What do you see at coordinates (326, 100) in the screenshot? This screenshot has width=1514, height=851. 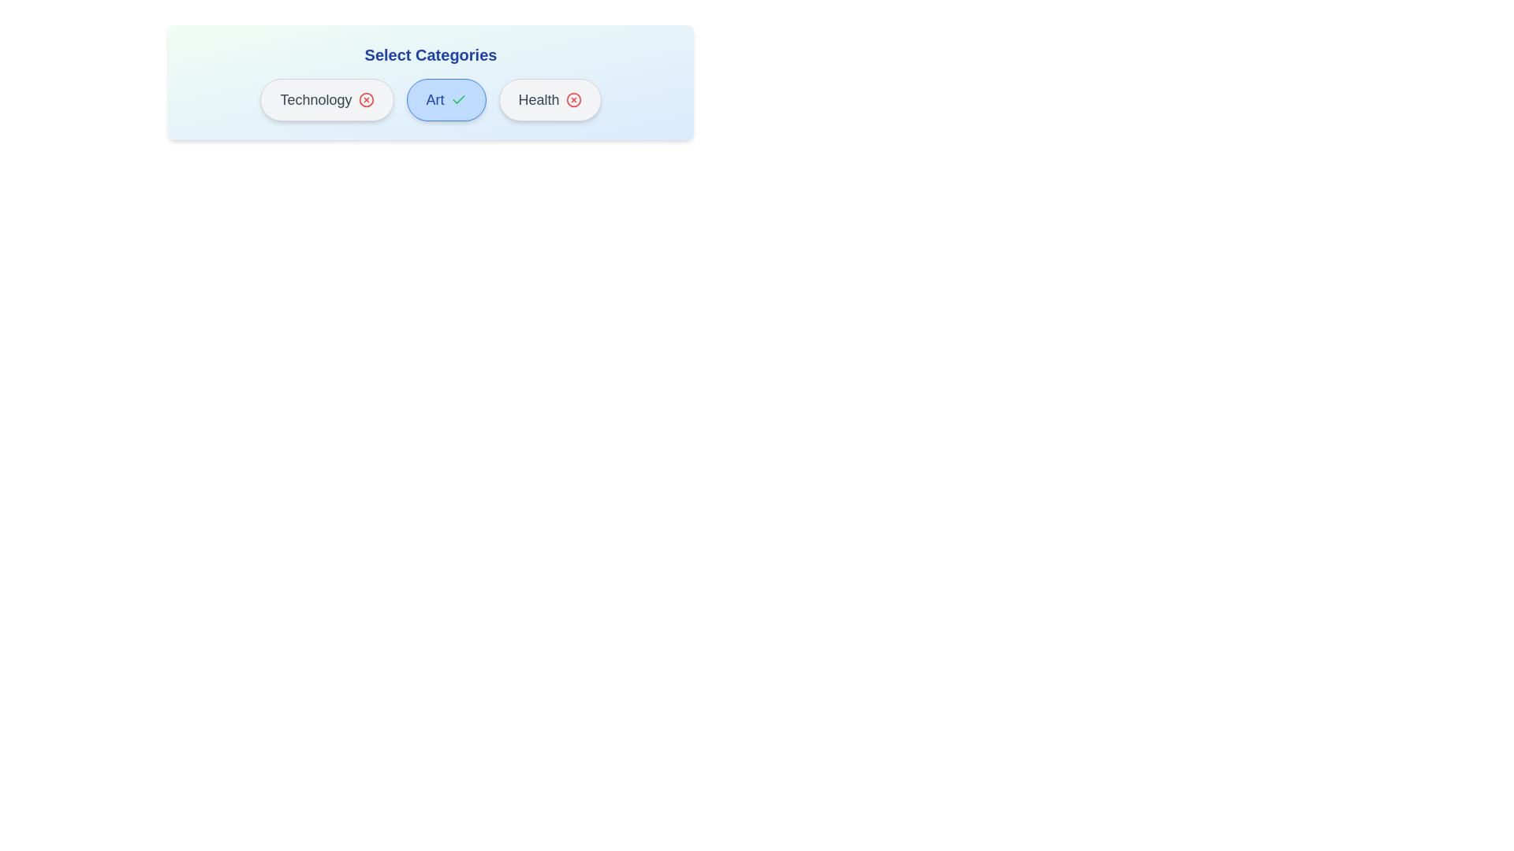 I see `the category button labeled Technology` at bounding box center [326, 100].